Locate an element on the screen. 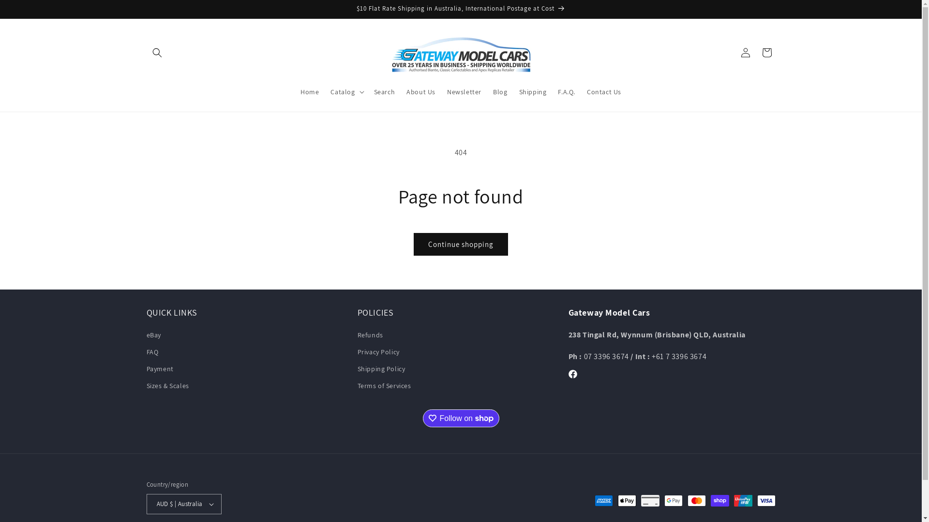 Image resolution: width=929 pixels, height=522 pixels. 'Log in' is located at coordinates (745, 52).